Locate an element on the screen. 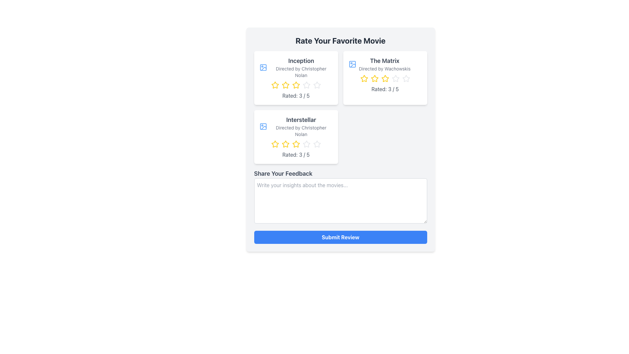 The height and width of the screenshot is (354, 629). the Text Display element that shows the title and director of the movie 'The Matrix', located in the second card of the grid layout on the right is located at coordinates (385, 64).